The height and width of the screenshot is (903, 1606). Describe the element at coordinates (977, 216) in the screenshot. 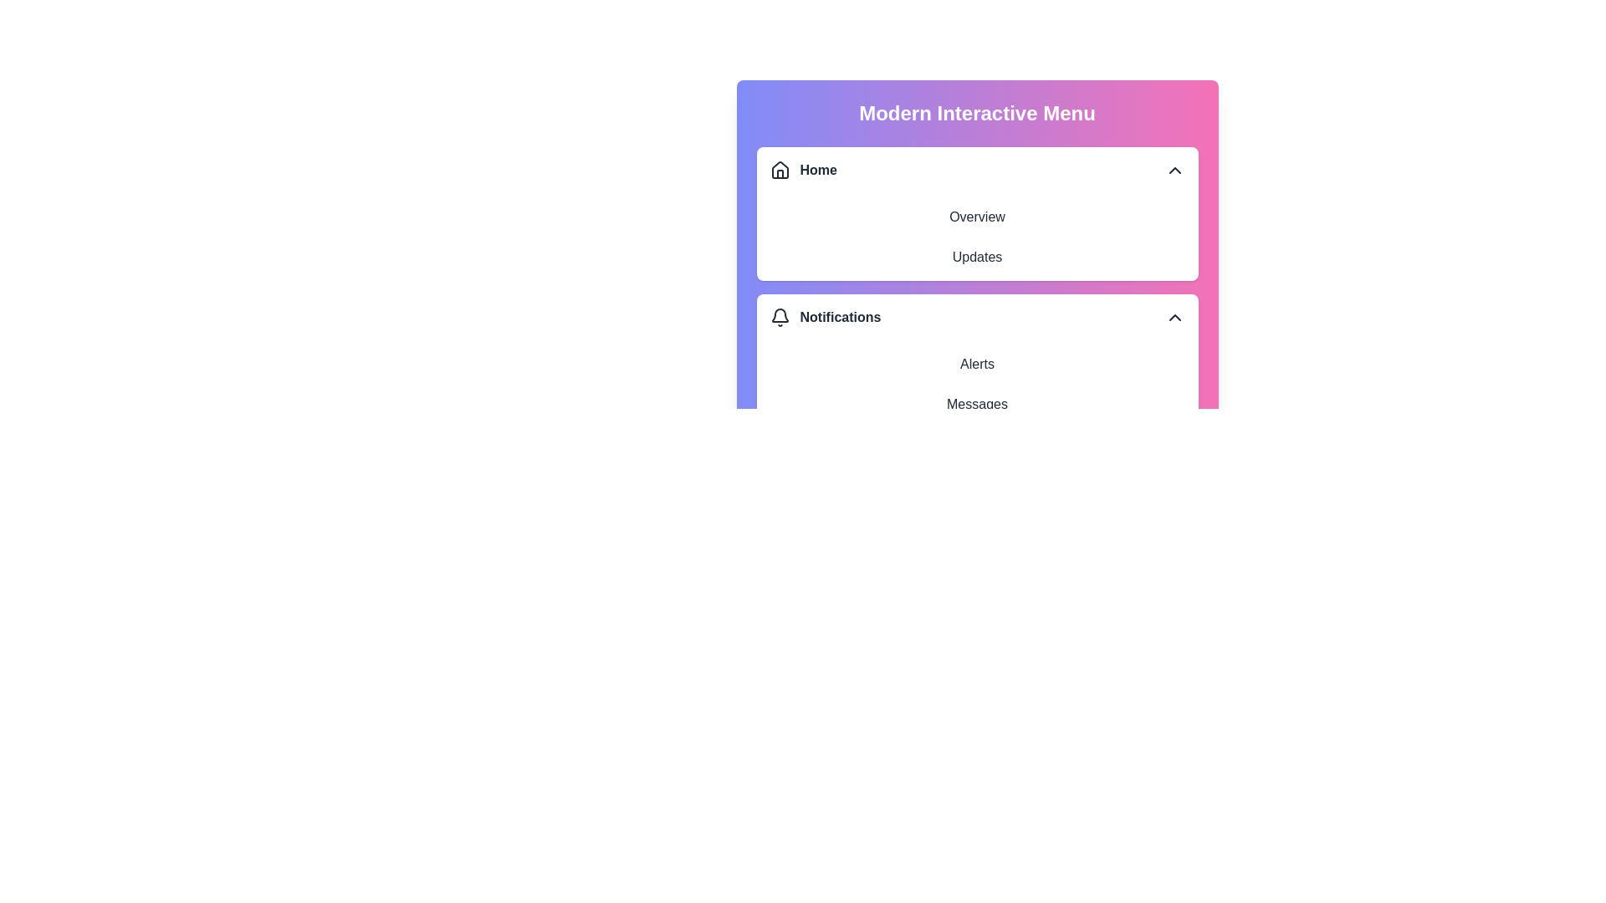

I see `the text element Overview to interact with it` at that location.